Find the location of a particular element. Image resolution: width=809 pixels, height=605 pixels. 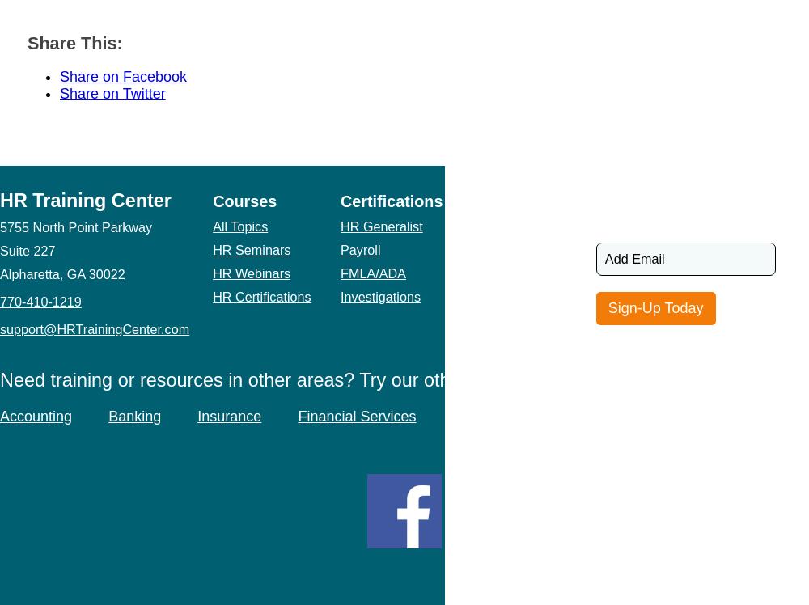

'Share on Twitter' is located at coordinates (59, 94).